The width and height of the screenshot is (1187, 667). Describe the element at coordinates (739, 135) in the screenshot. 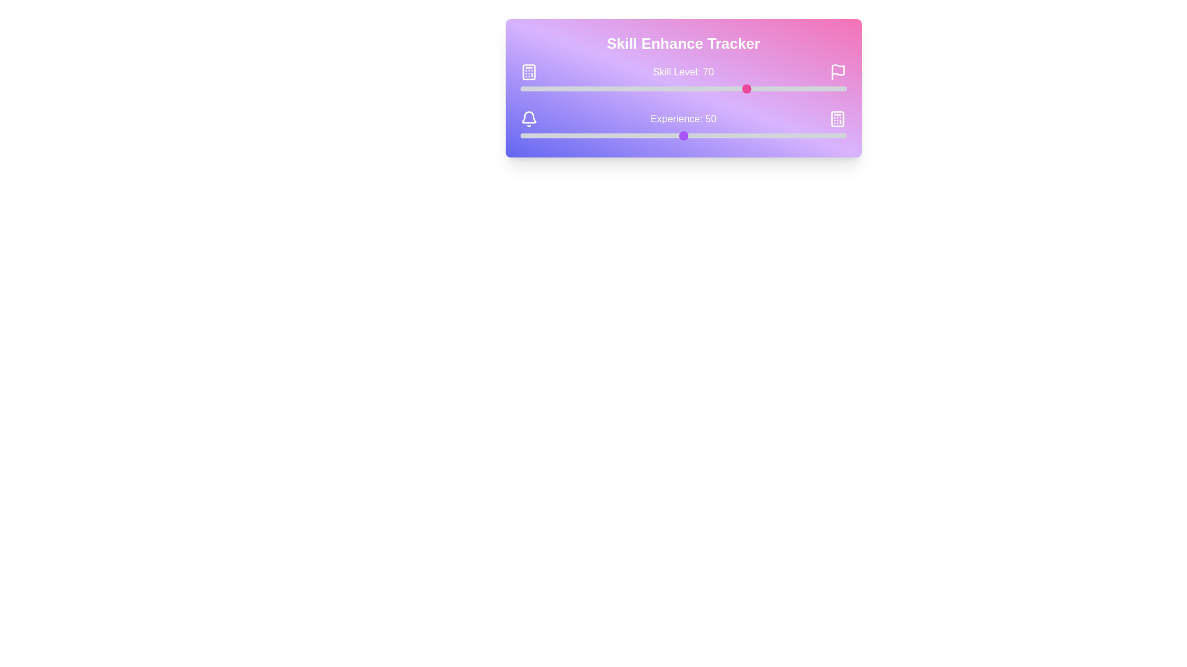

I see `the experience slider to set the experience value to 67` at that location.